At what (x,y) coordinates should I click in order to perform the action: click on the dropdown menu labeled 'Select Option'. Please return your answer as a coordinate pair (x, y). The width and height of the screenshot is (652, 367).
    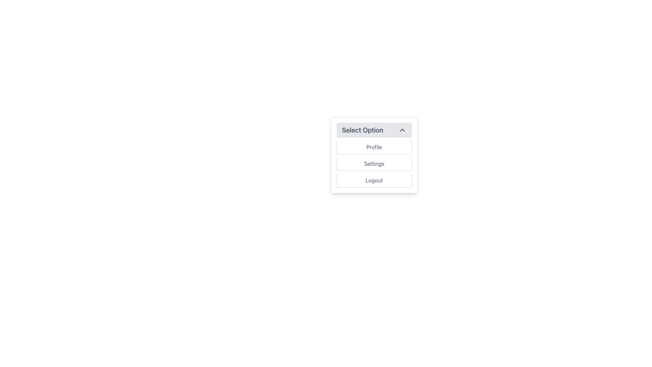
    Looking at the image, I should click on (374, 155).